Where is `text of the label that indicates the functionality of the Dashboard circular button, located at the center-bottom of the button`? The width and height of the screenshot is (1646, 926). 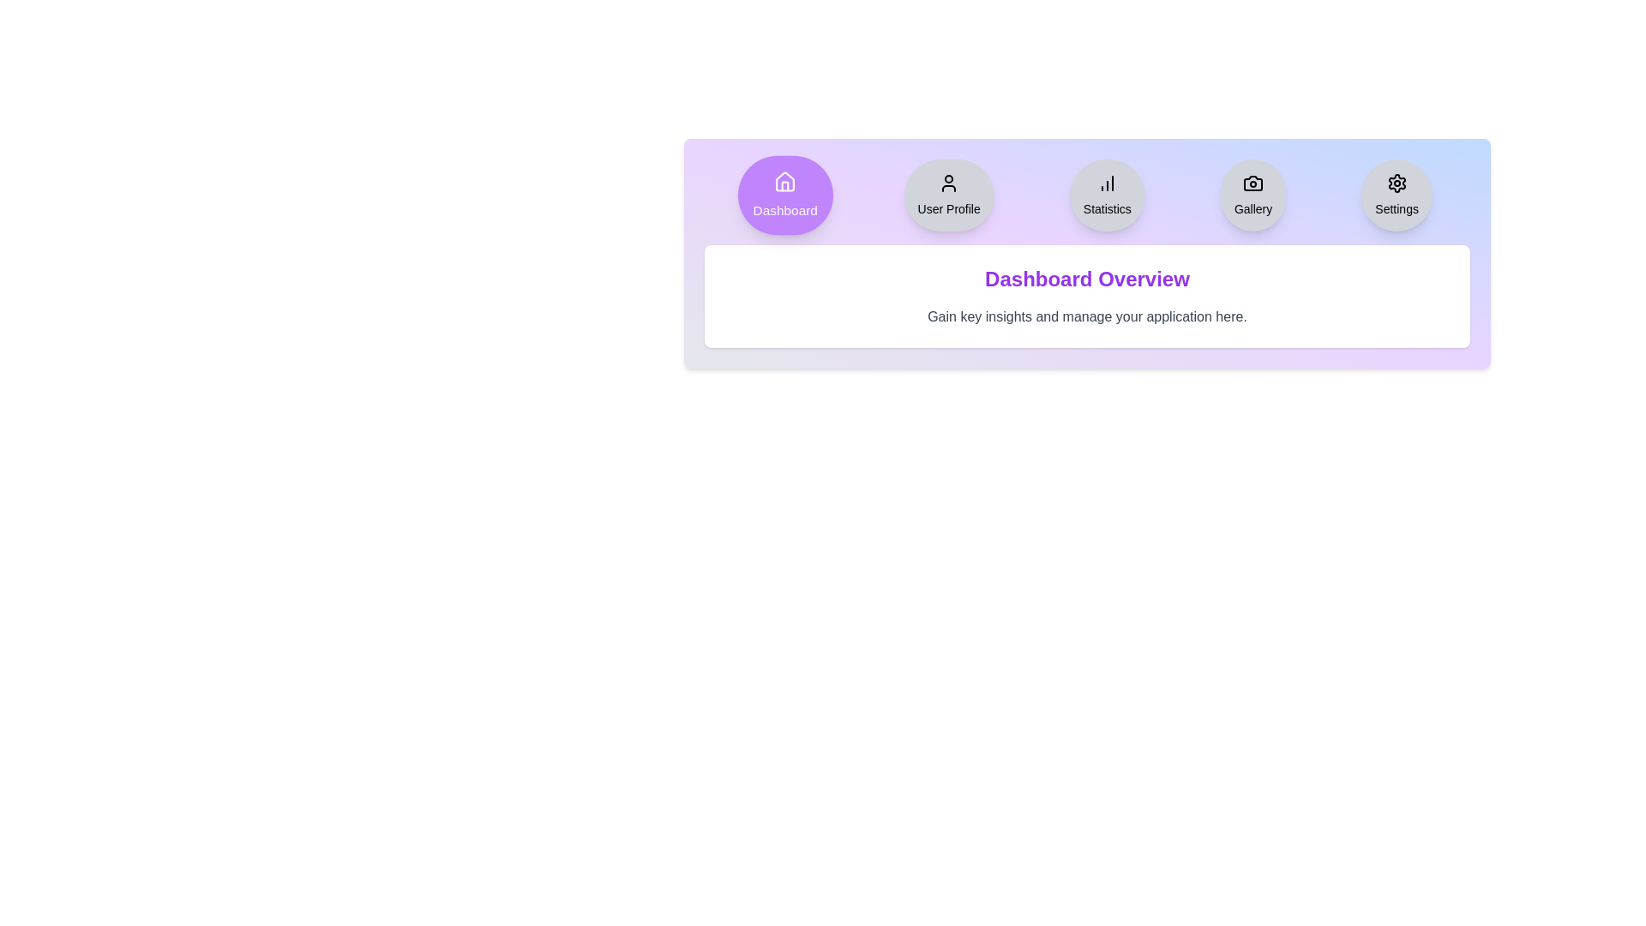
text of the label that indicates the functionality of the Dashboard circular button, located at the center-bottom of the button is located at coordinates (784, 209).